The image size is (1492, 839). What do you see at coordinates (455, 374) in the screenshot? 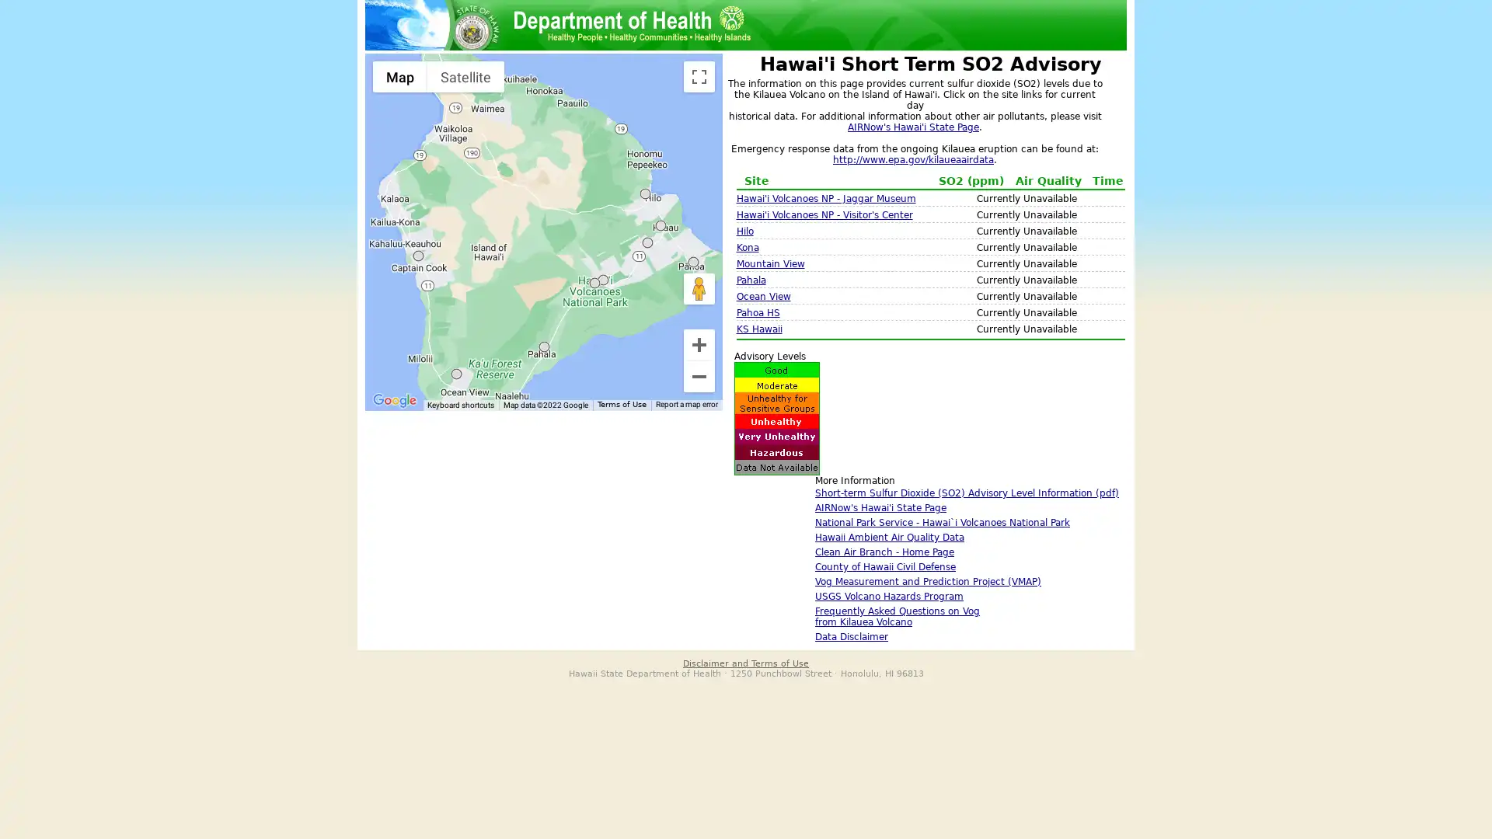
I see `Ocean View: No Data` at bounding box center [455, 374].